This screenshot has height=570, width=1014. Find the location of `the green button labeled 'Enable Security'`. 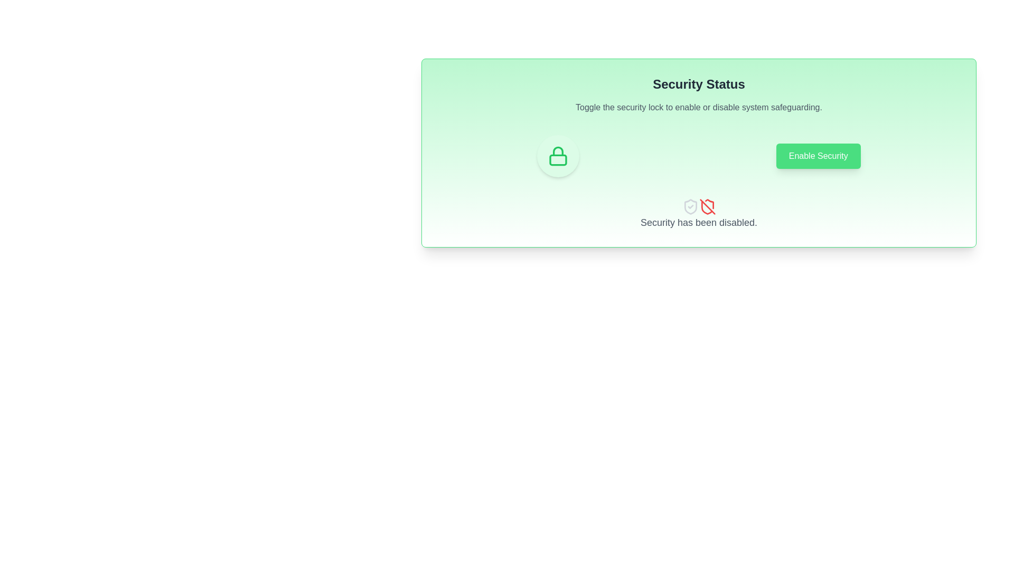

the green button labeled 'Enable Security' is located at coordinates (818, 156).